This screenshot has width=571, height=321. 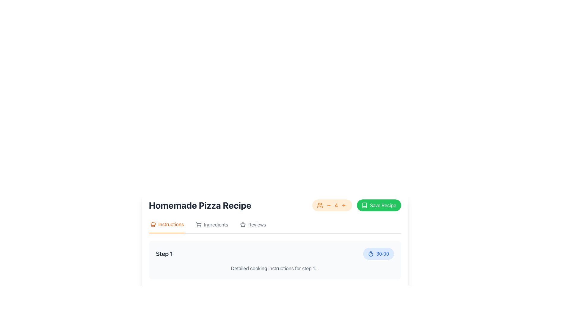 I want to click on the first tab of the navigation bar labeled 'Instructions', so click(x=167, y=227).